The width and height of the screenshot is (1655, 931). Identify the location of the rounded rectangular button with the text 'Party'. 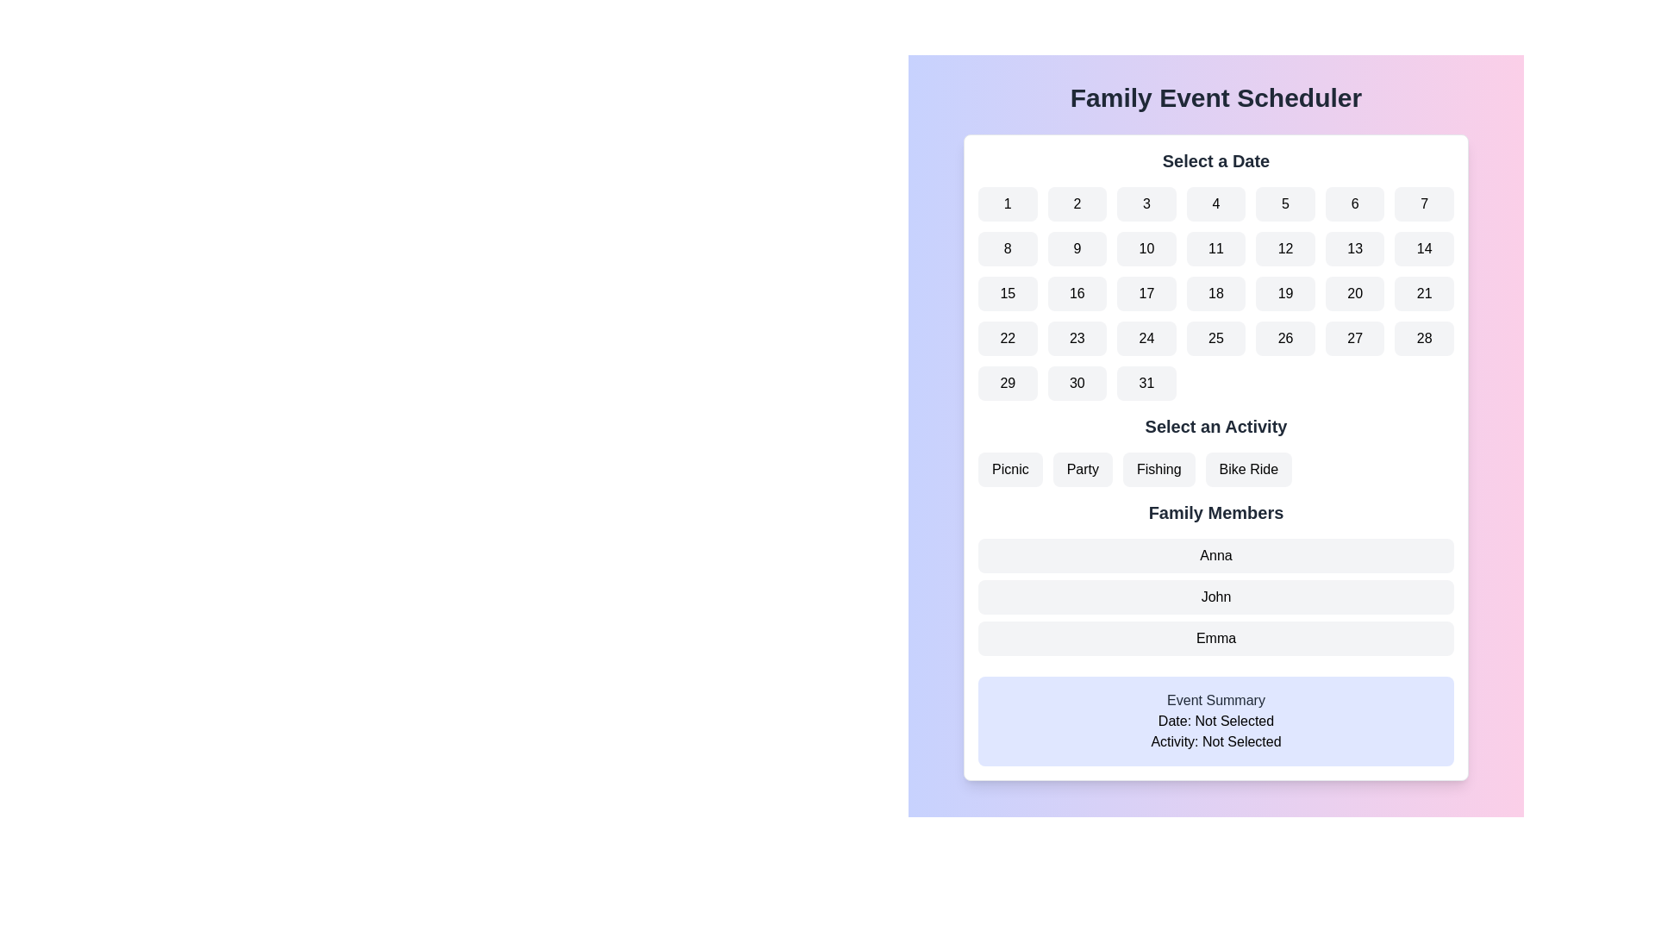
(1082, 469).